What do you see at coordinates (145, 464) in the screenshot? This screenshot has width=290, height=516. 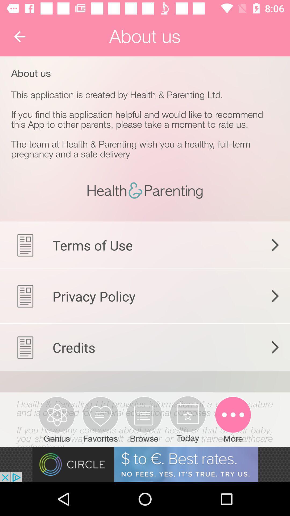 I see `adventisment page` at bounding box center [145, 464].